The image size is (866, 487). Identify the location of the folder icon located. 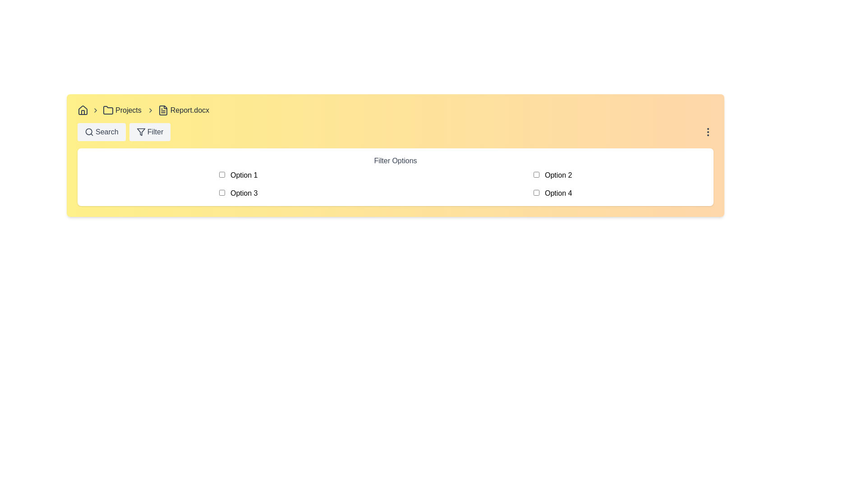
(108, 110).